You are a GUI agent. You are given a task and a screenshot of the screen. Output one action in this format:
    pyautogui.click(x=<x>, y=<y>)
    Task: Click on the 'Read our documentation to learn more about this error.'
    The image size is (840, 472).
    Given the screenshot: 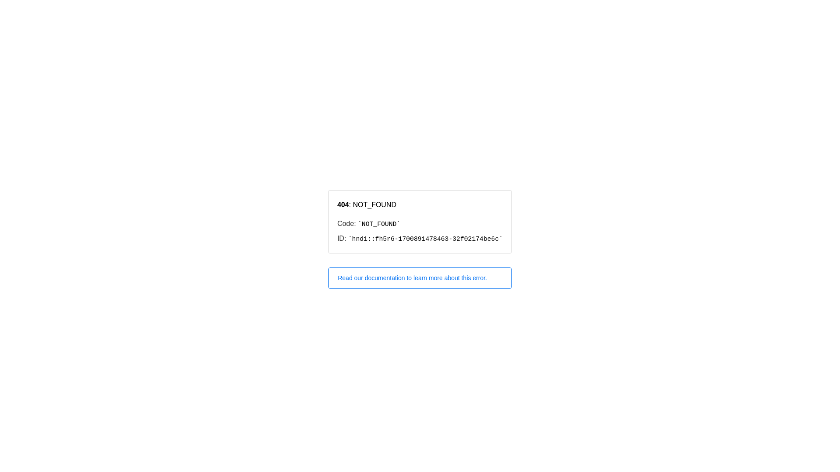 What is the action you would take?
    pyautogui.click(x=420, y=278)
    